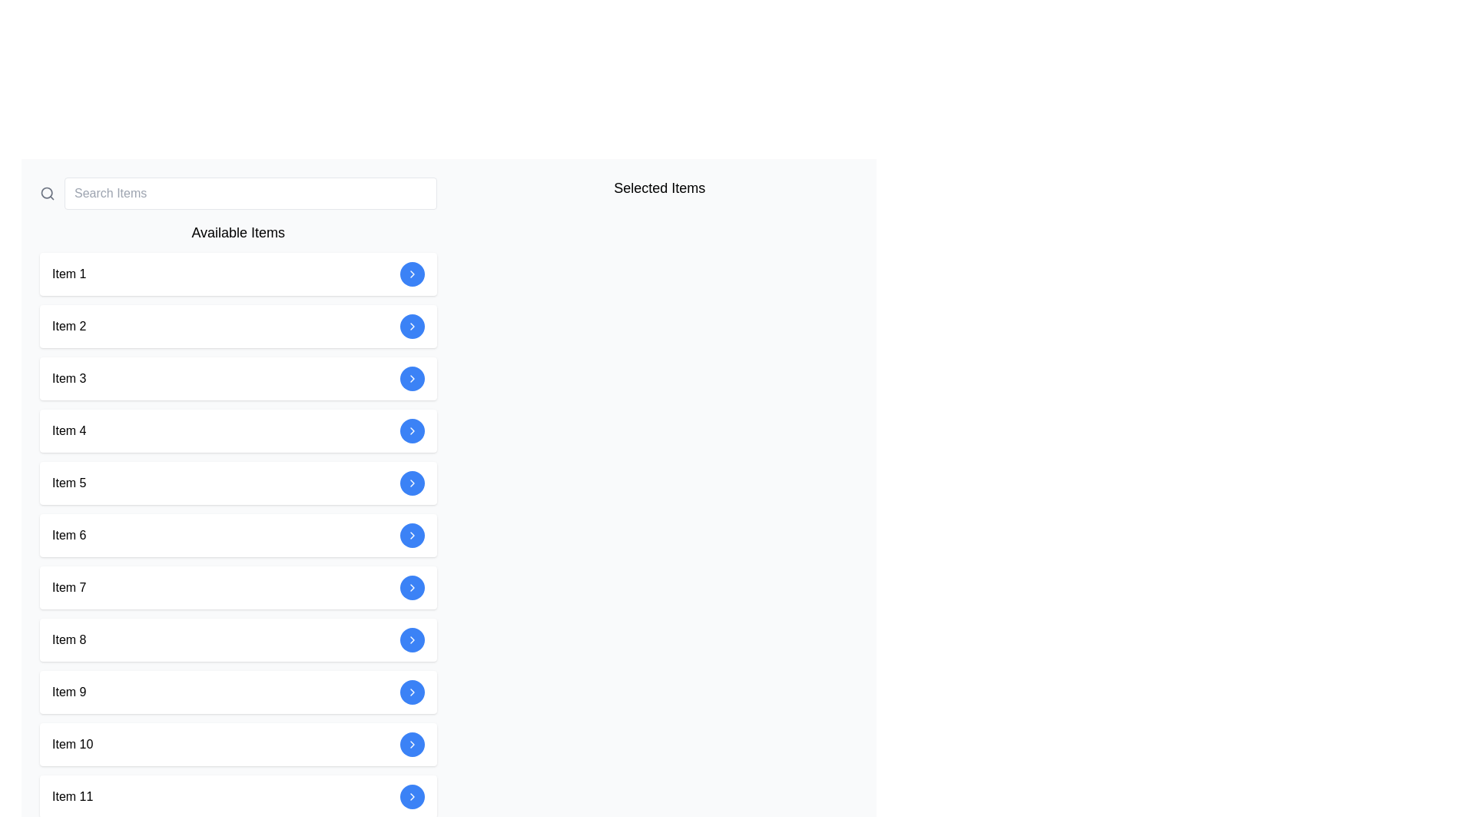 This screenshot has width=1475, height=830. What do you see at coordinates (412, 379) in the screenshot?
I see `the forward navigation button located at the far right end of the 'Item 3' row in the 'Available Items' section` at bounding box center [412, 379].